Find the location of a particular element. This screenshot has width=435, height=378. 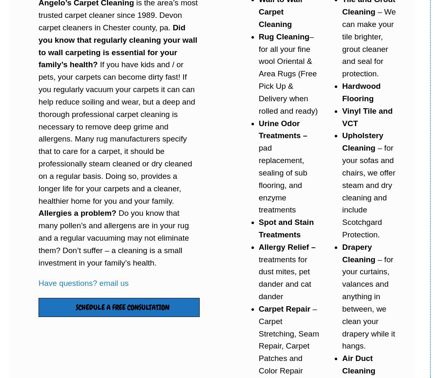

'Schedule a FREE Consultation' is located at coordinates (122, 307).